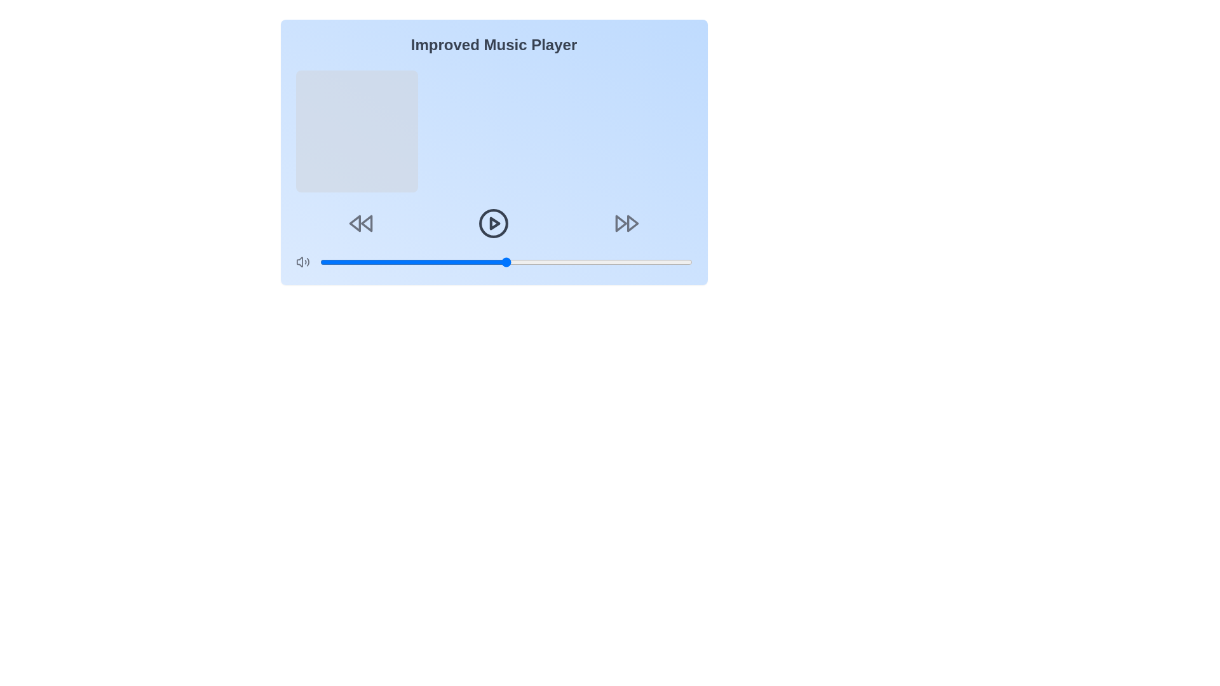 This screenshot has height=686, width=1220. I want to click on the second triangle-shaped graphic inside the fast forward icon, which is styled in gray and located towards the bottom right of the music player interface, so click(633, 222).